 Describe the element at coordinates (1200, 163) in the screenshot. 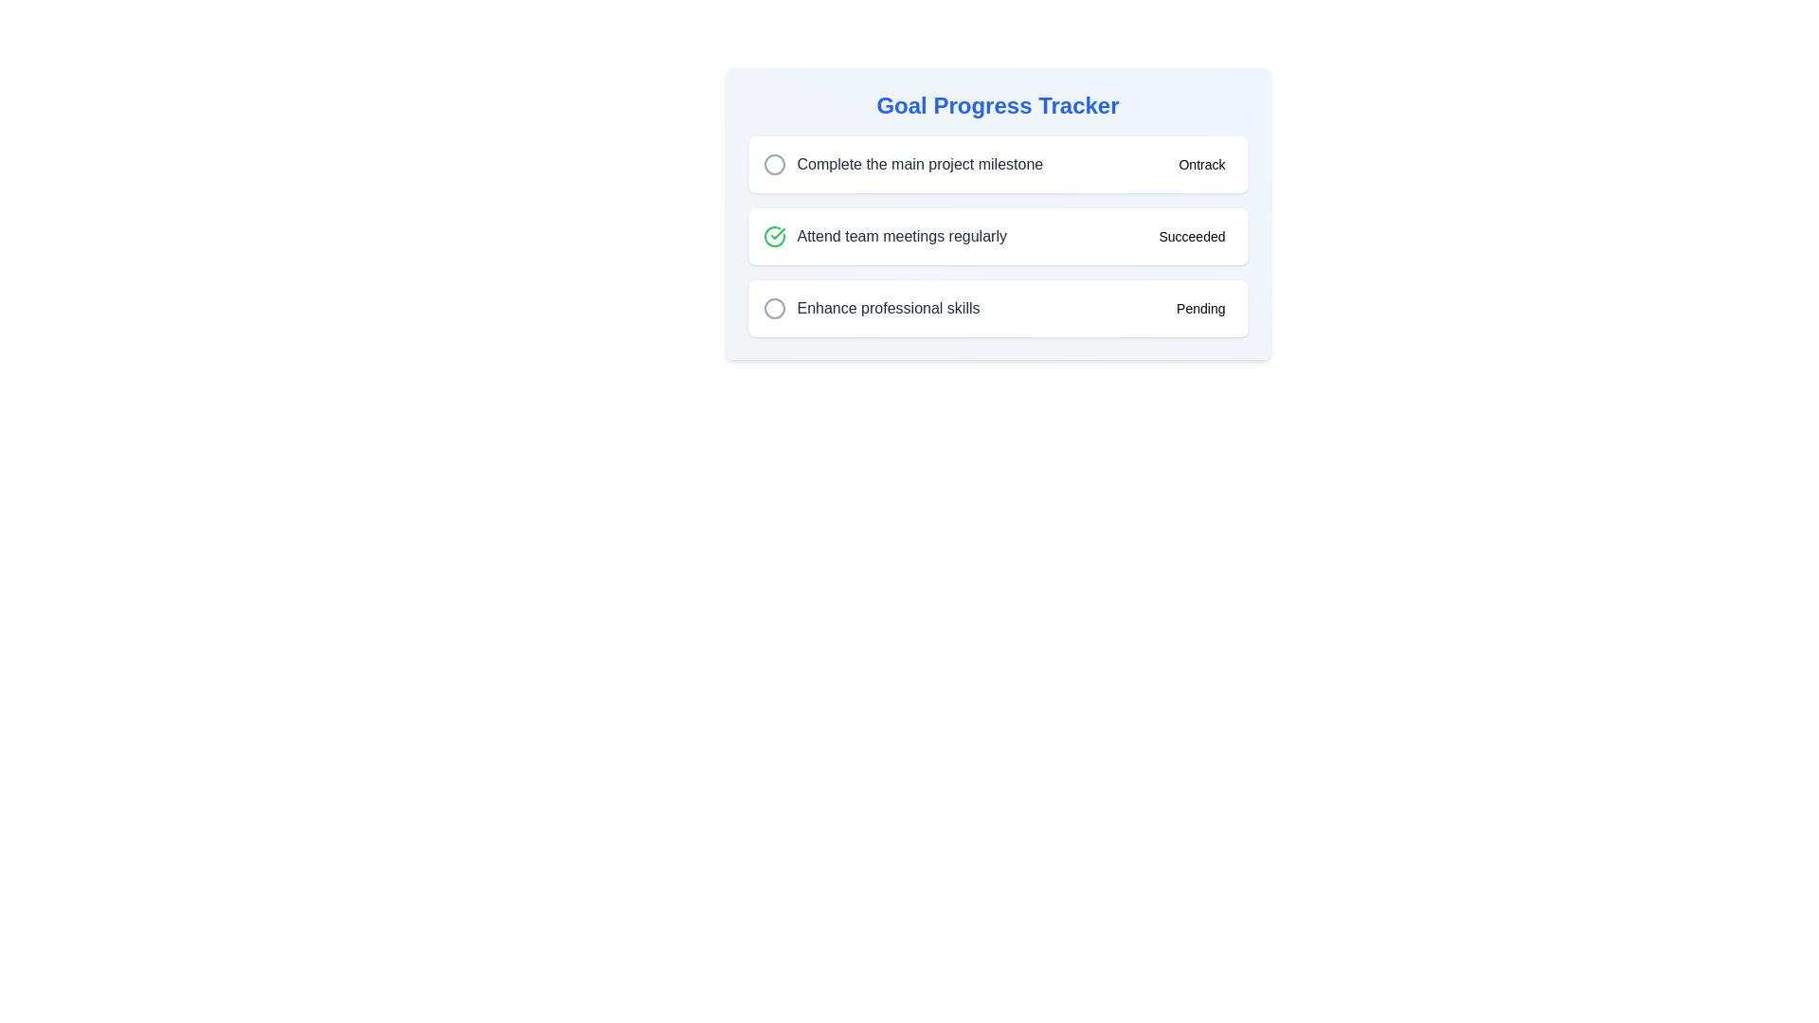

I see `status displayed on the 'Ontrack' Badge located to the right of the text 'Complete the main project milestone.'` at that location.